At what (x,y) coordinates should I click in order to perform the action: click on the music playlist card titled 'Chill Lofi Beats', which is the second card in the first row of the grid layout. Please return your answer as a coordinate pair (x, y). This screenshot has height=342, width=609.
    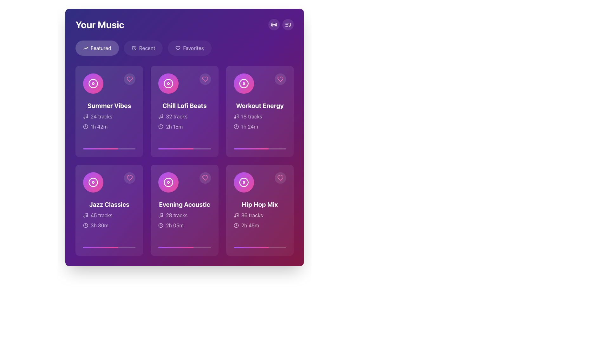
    Looking at the image, I should click on (184, 116).